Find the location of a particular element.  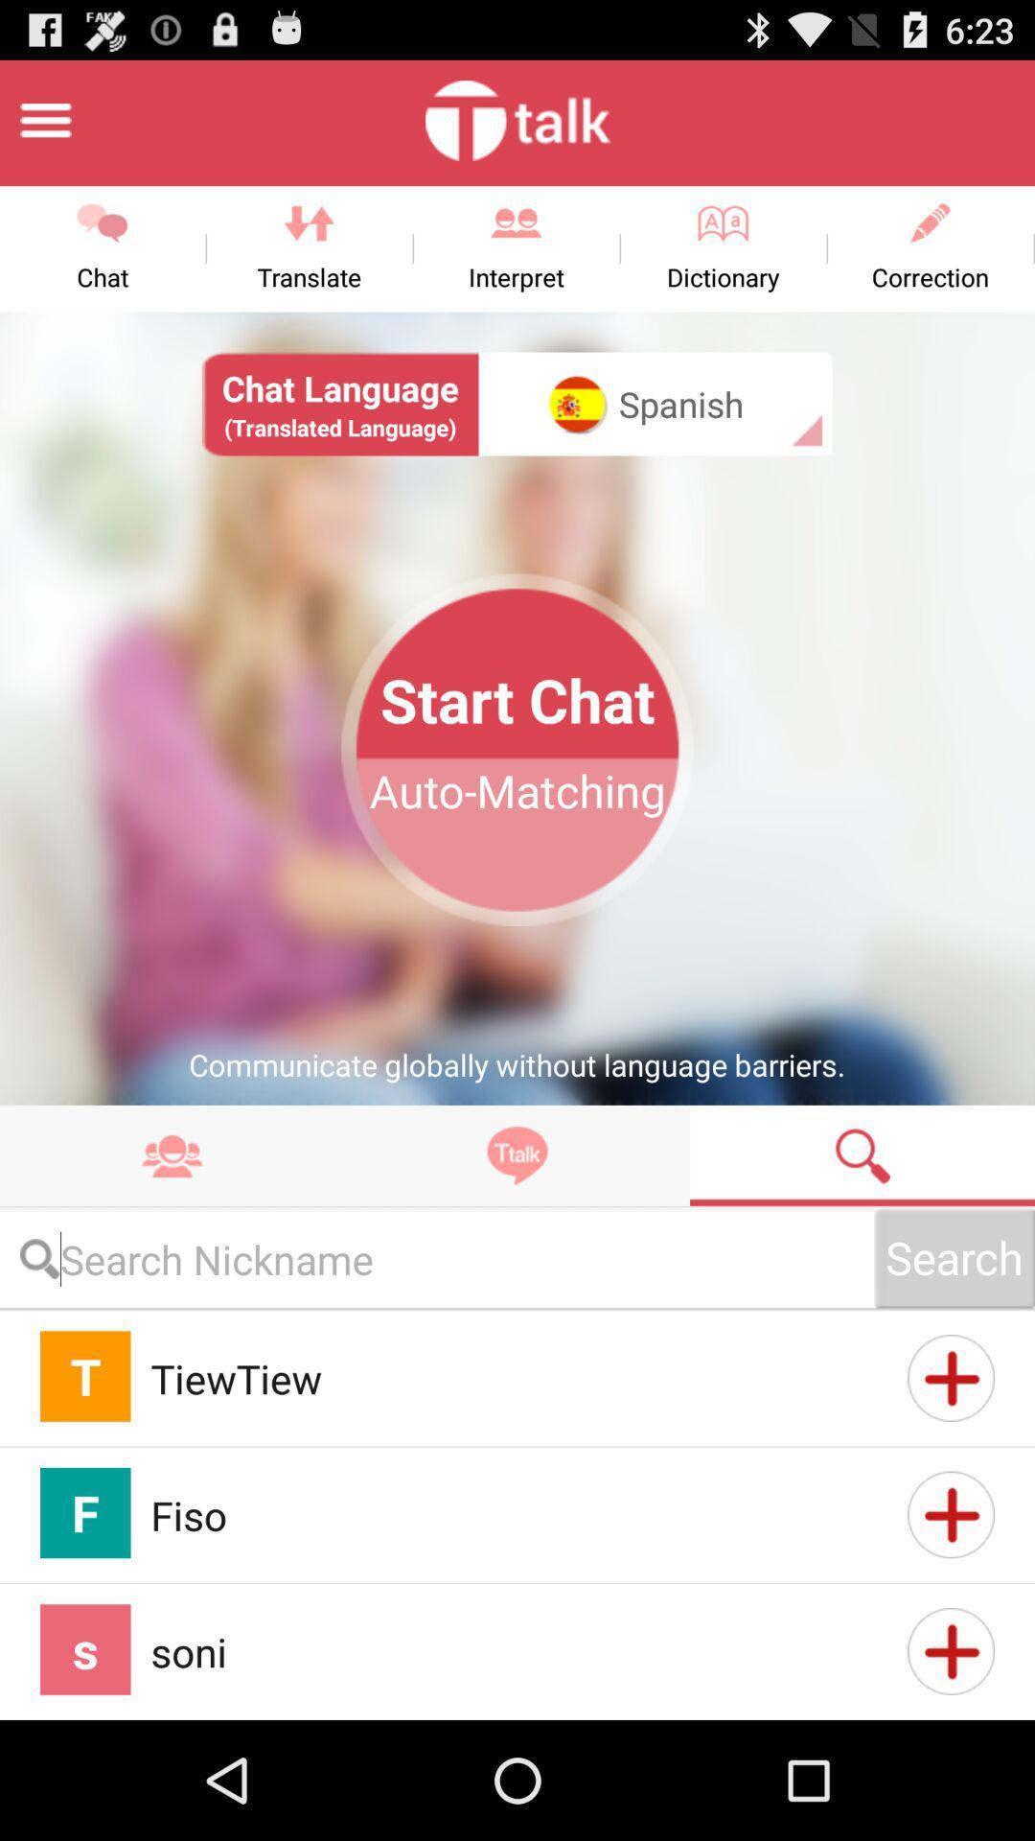

click the contact list is located at coordinates (172, 1154).